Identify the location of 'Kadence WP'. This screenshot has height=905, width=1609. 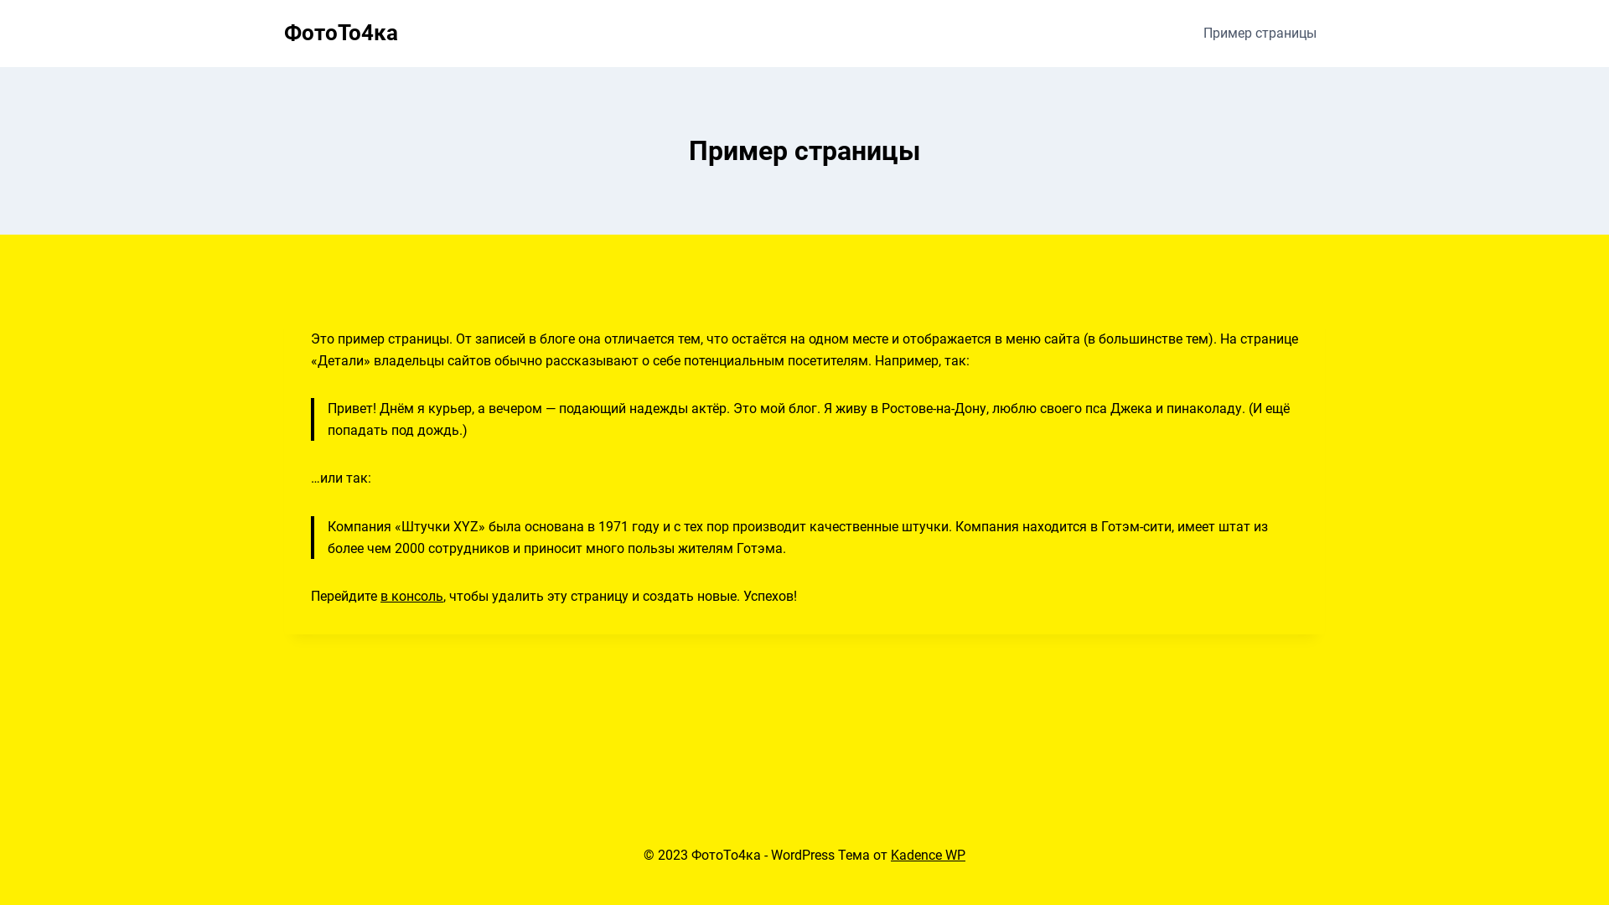
(927, 855).